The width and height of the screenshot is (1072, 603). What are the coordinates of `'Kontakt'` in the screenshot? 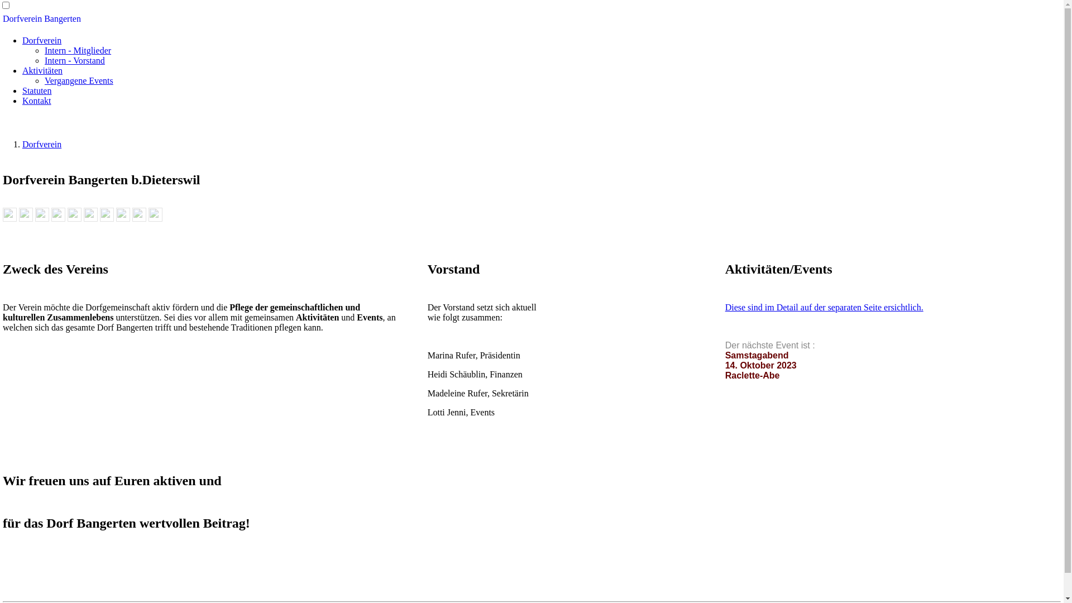 It's located at (37, 100).